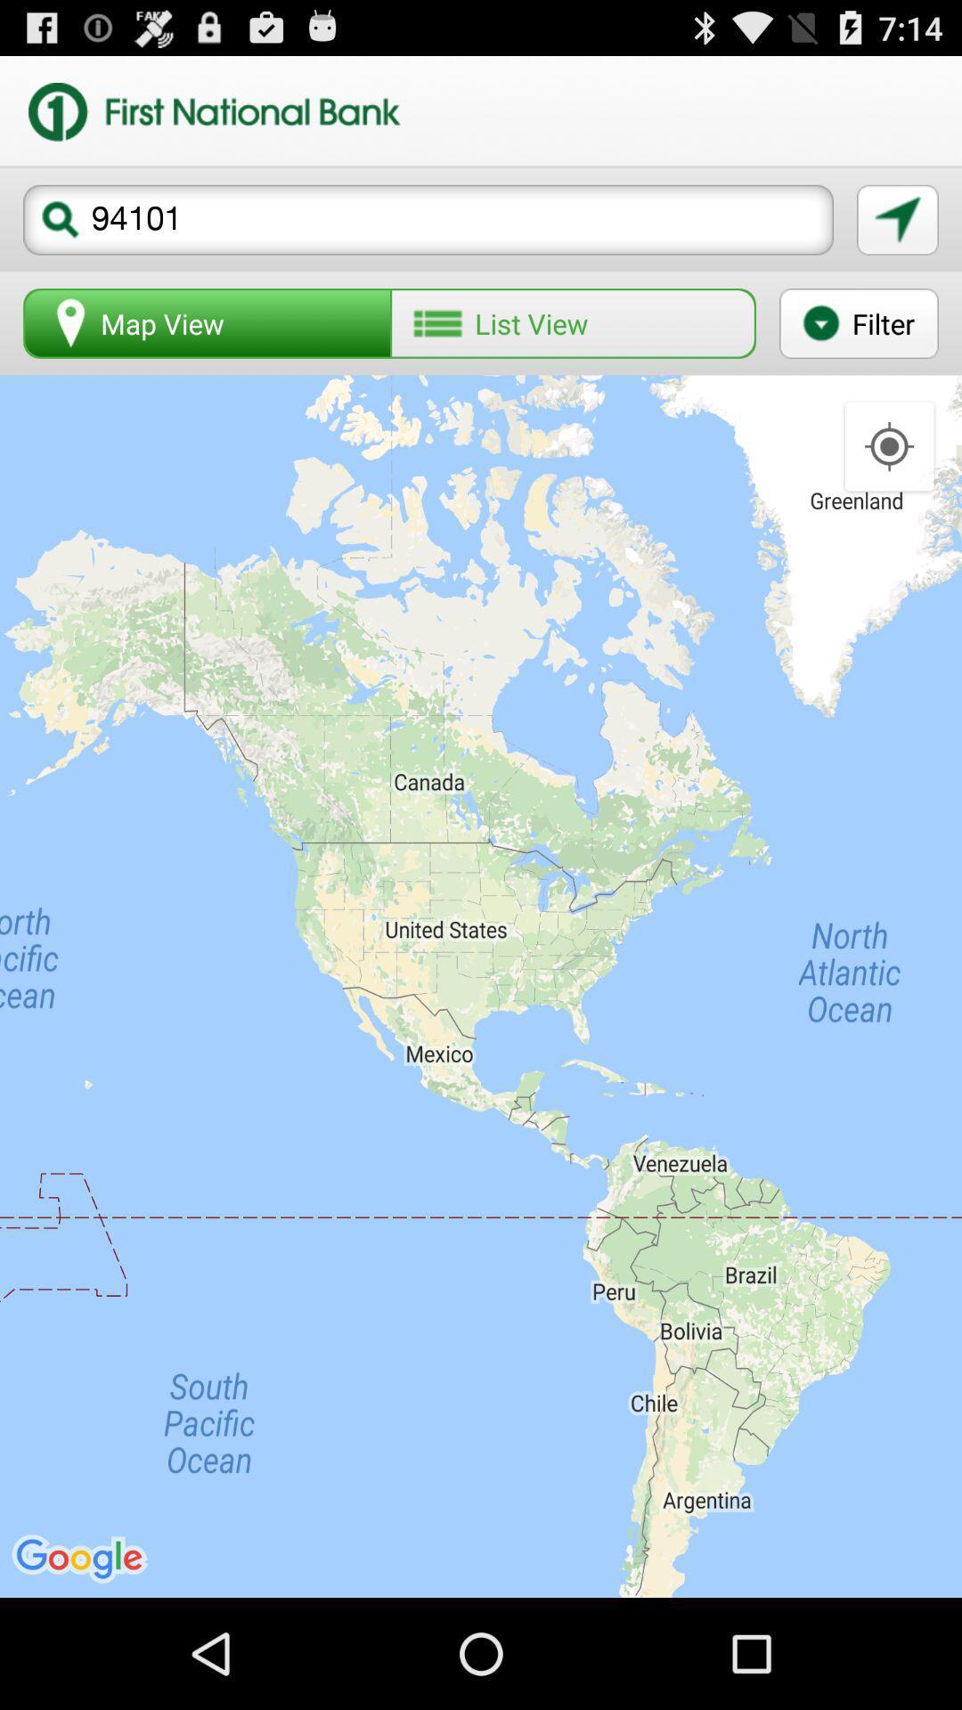 Image resolution: width=962 pixels, height=1710 pixels. I want to click on 94101, so click(428, 219).